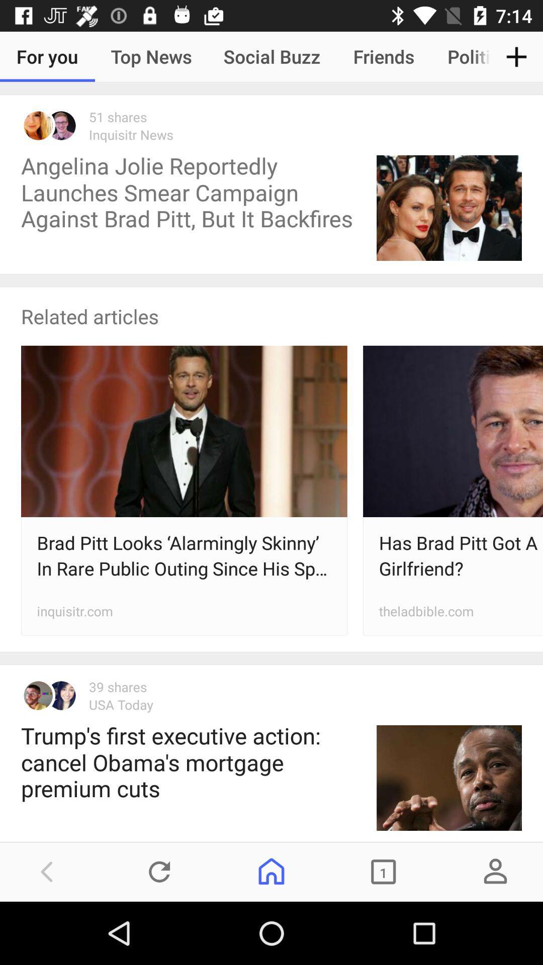 The image size is (543, 965). I want to click on the avatar icon, so click(495, 871).